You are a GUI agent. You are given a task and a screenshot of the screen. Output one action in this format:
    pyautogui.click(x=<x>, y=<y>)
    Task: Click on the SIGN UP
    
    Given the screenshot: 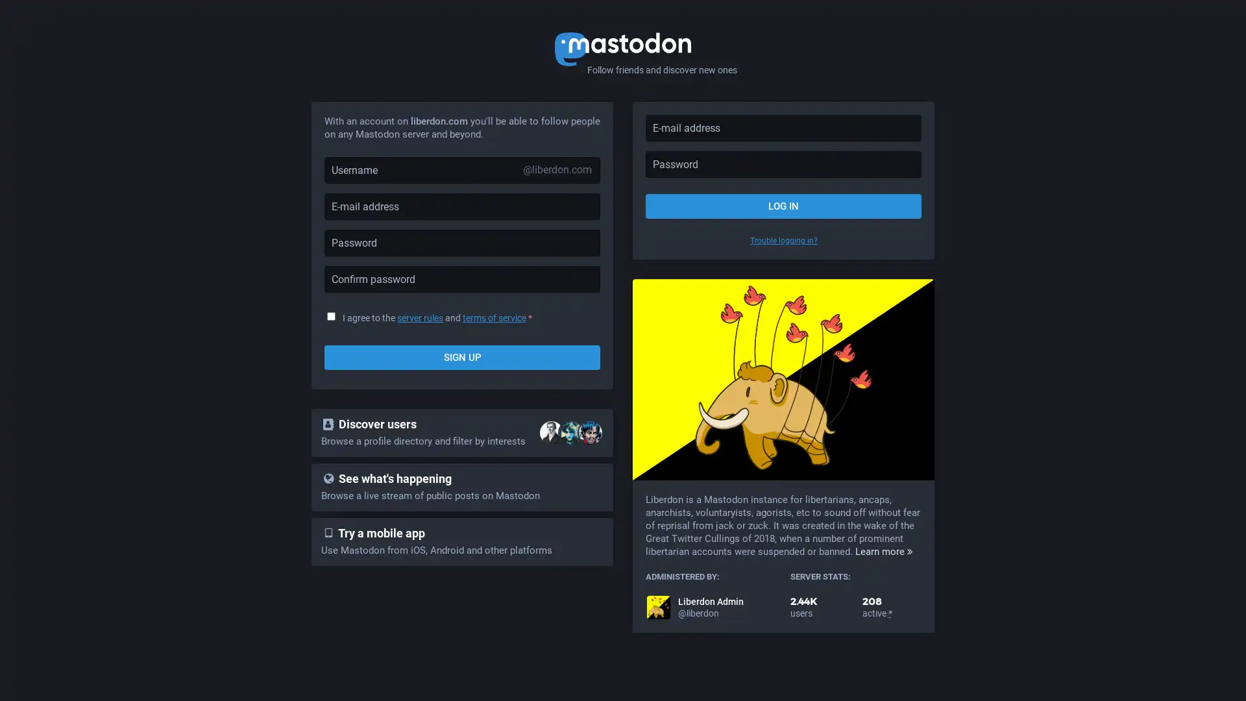 What is the action you would take?
    pyautogui.click(x=462, y=358)
    